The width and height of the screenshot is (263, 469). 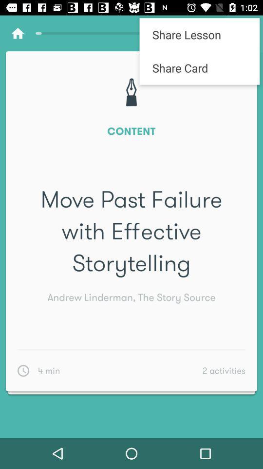 I want to click on the home icon, so click(x=18, y=33).